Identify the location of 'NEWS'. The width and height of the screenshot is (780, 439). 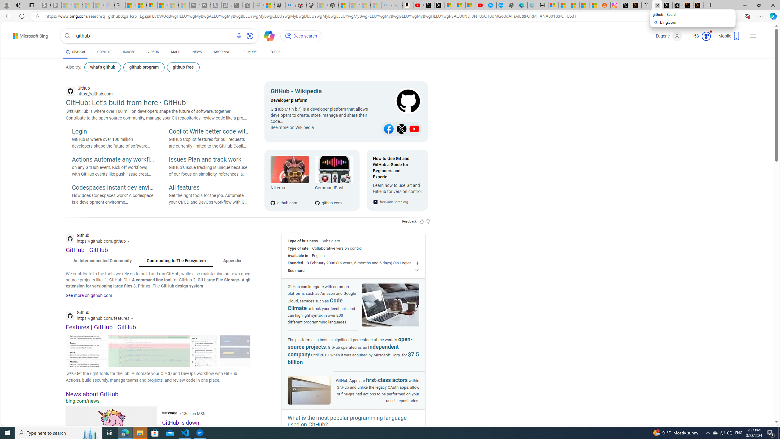
(197, 52).